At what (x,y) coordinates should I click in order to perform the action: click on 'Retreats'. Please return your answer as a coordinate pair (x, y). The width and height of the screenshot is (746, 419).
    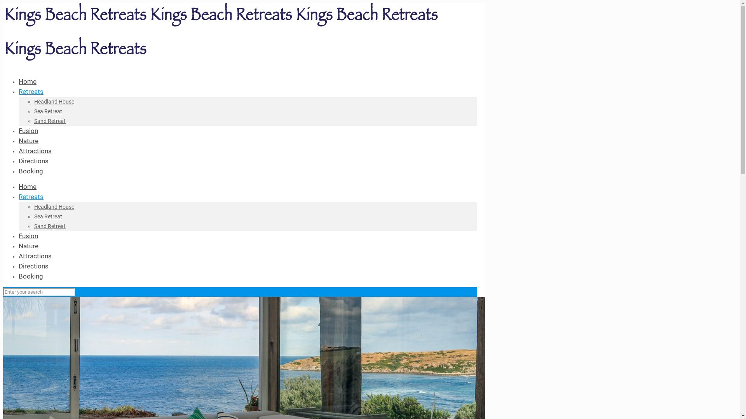
    Looking at the image, I should click on (19, 91).